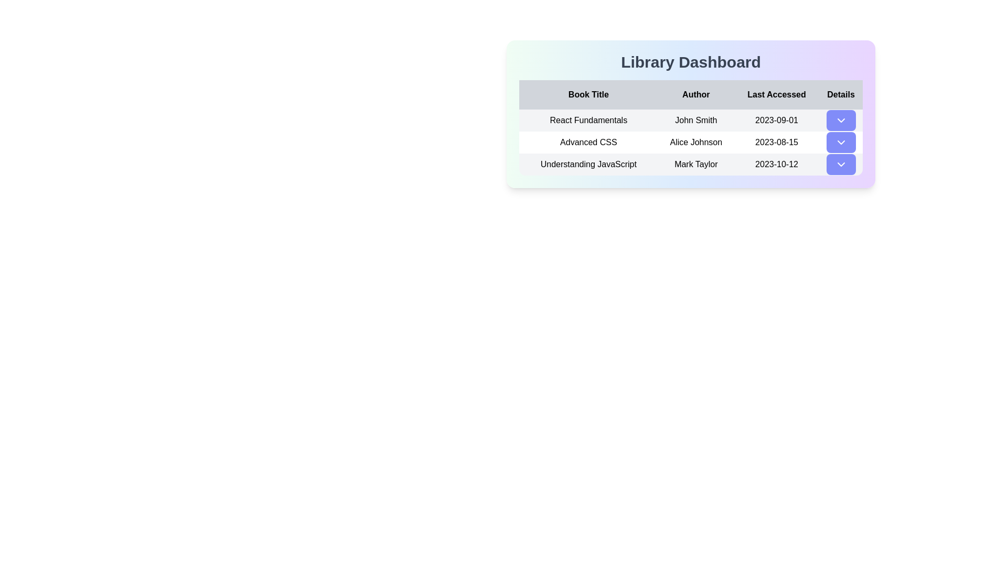 This screenshot has width=1007, height=566. I want to click on the blue button with rounded corners containing a downward-facing chevron icon, located in the 'Details' column of the third row of the table, aligned with the book title 'Understanding JavaScript', the author 'Mark Taylor', and the last accessed date '2023-10-12', so click(841, 164).